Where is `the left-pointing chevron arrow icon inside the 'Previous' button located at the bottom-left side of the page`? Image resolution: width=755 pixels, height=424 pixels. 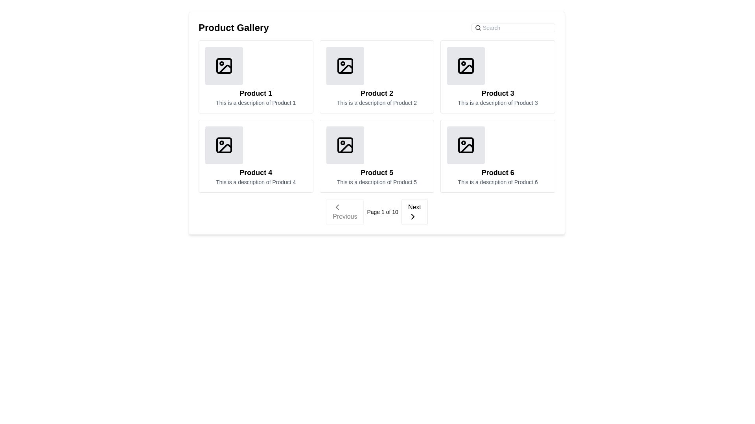 the left-pointing chevron arrow icon inside the 'Previous' button located at the bottom-left side of the page is located at coordinates (337, 207).